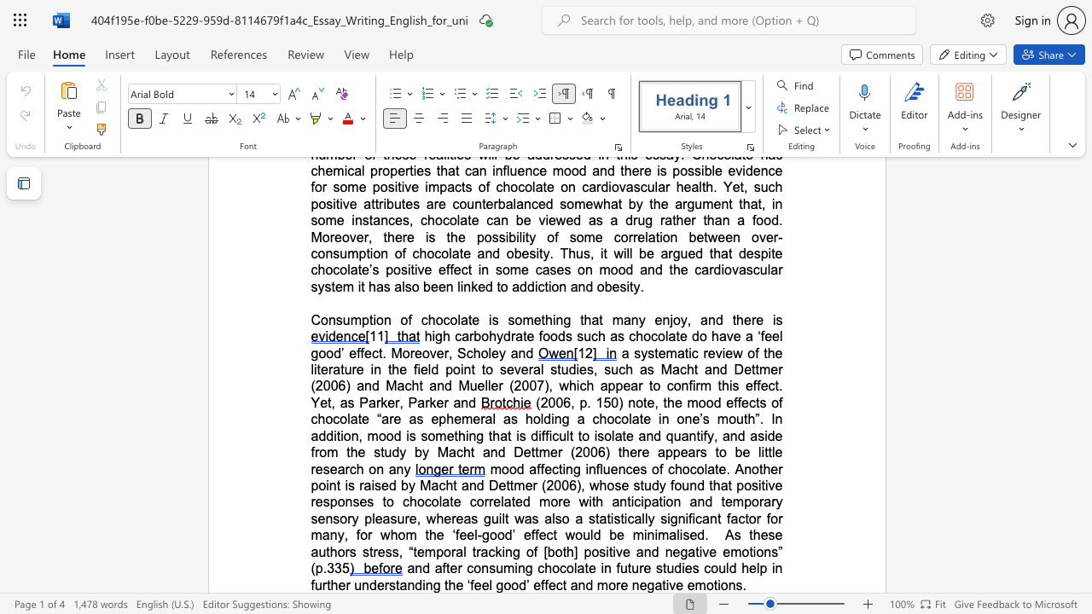 Image resolution: width=1092 pixels, height=614 pixels. I want to click on the subset text "ons." within the text "and after consuming chocolate in future studies could help in further understanding the ‘feel good’ effect and more negative emotions.", so click(720, 584).